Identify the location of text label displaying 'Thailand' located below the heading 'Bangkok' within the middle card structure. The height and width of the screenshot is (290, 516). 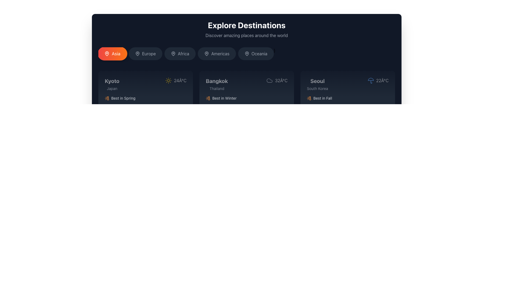
(217, 88).